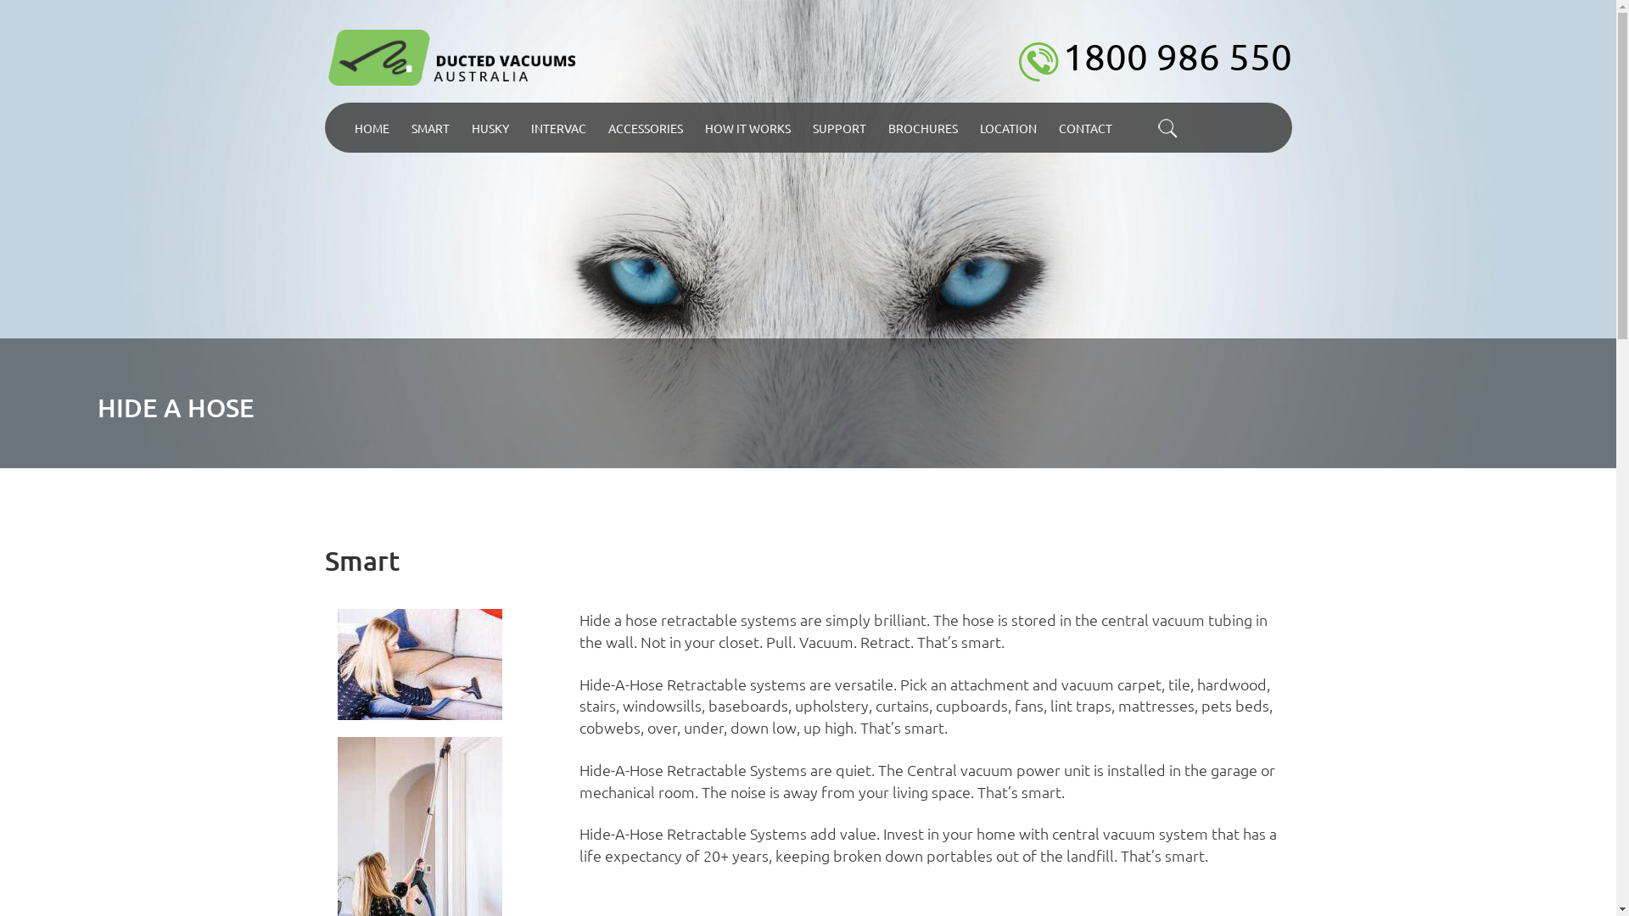 Image resolution: width=1629 pixels, height=916 pixels. Describe the element at coordinates (693, 126) in the screenshot. I see `'HOW IT WORKS'` at that location.